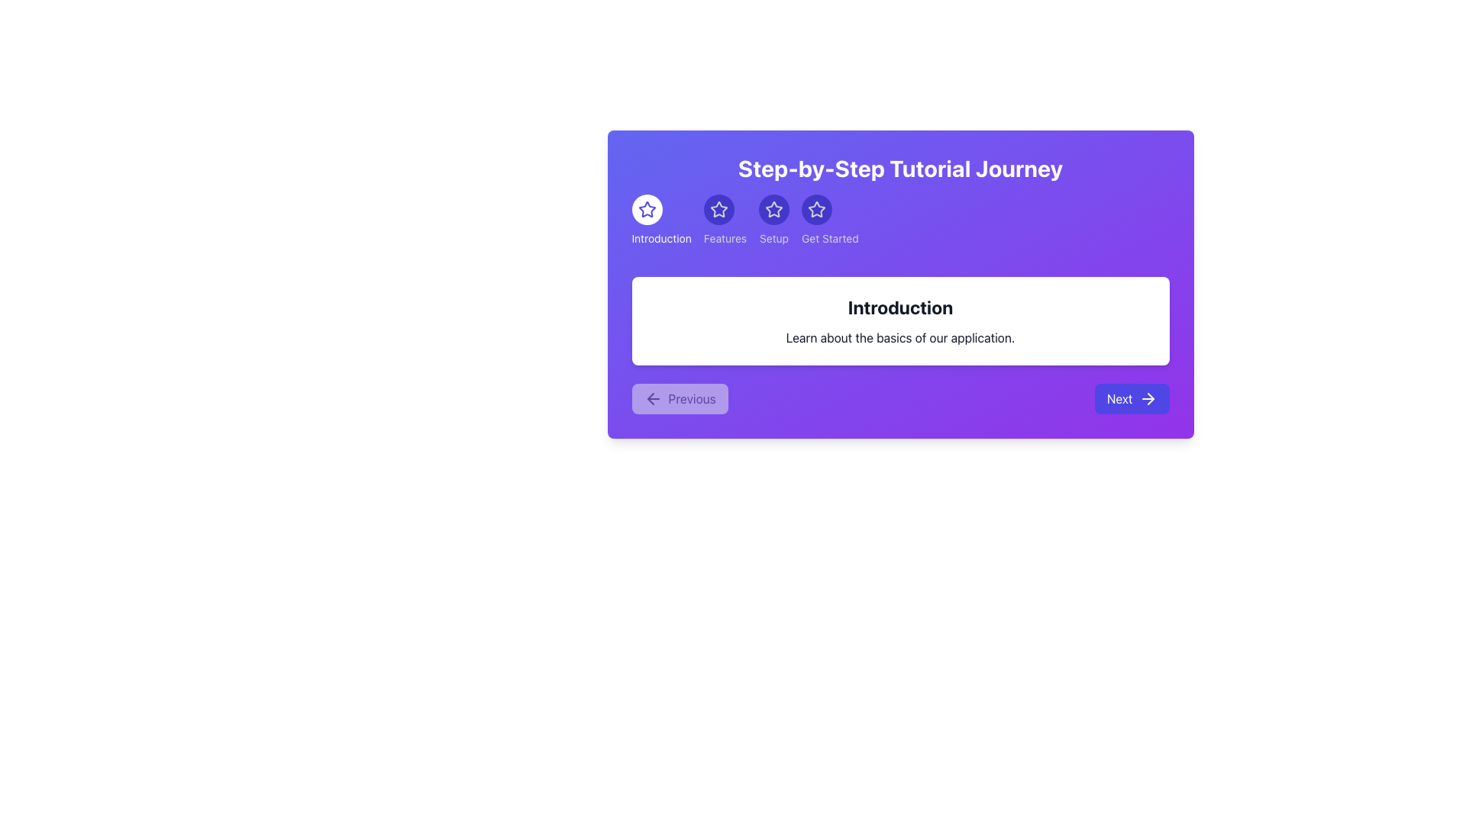 Image resolution: width=1466 pixels, height=824 pixels. I want to click on the rightward arrow icon next to the 'Next' button located in the lower-right portion of the purple card area, so click(1148, 398).